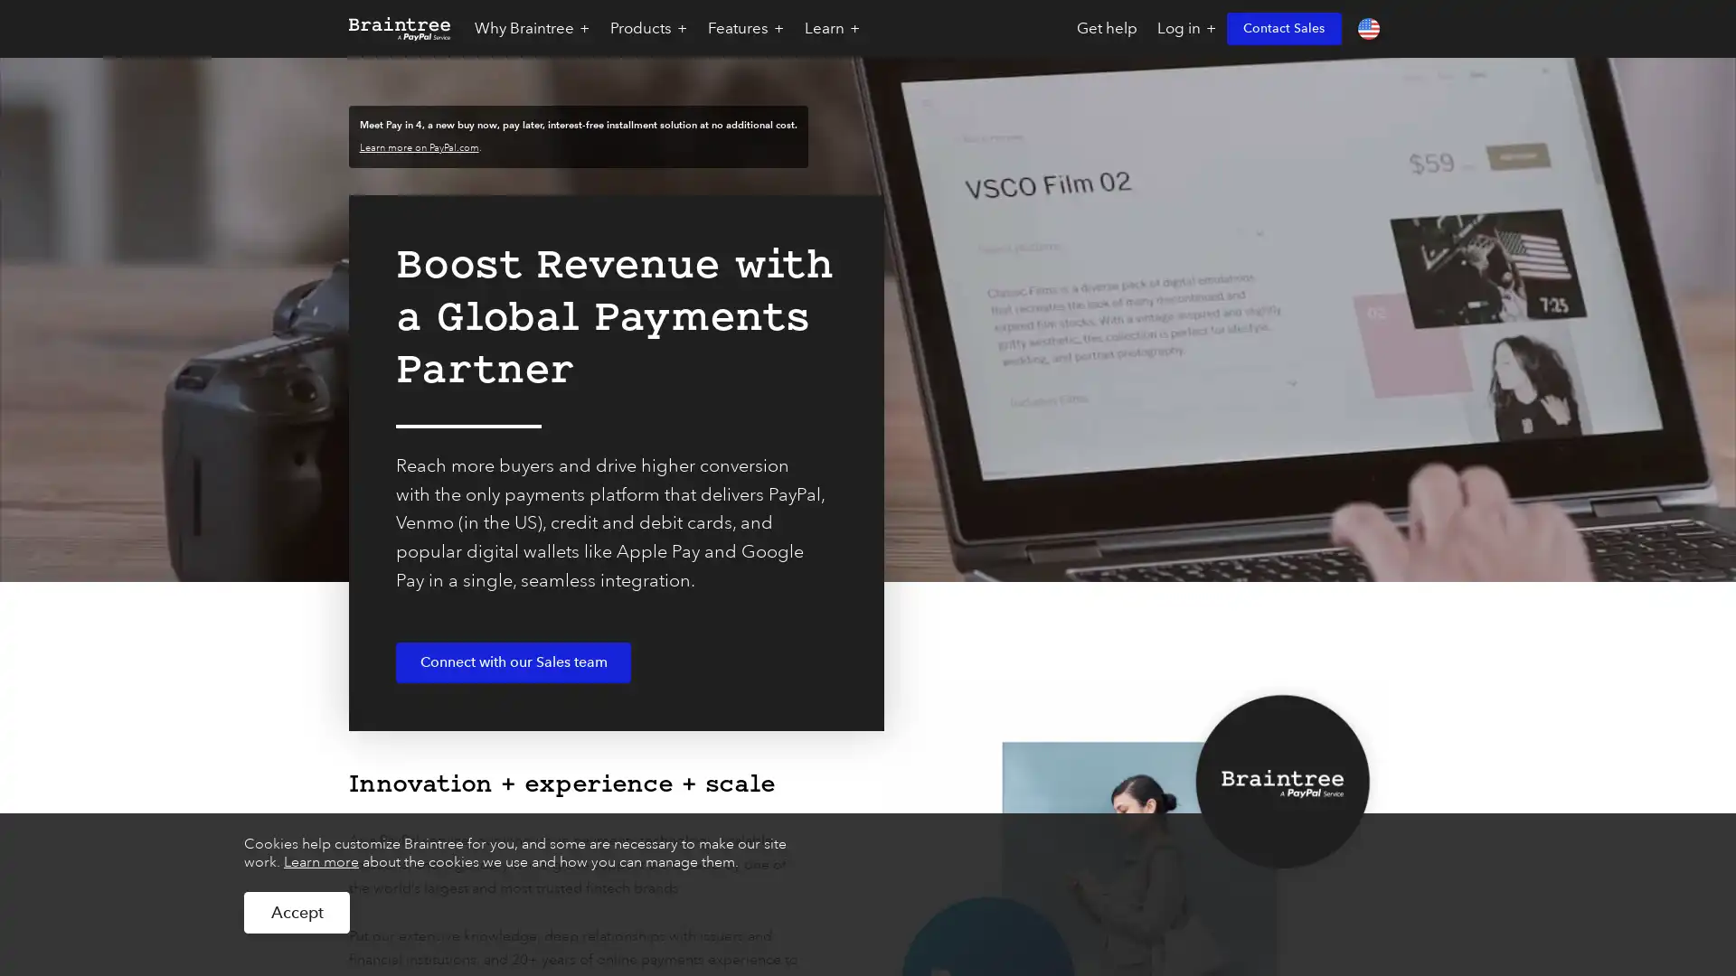  I want to click on play, so click(43, 727).